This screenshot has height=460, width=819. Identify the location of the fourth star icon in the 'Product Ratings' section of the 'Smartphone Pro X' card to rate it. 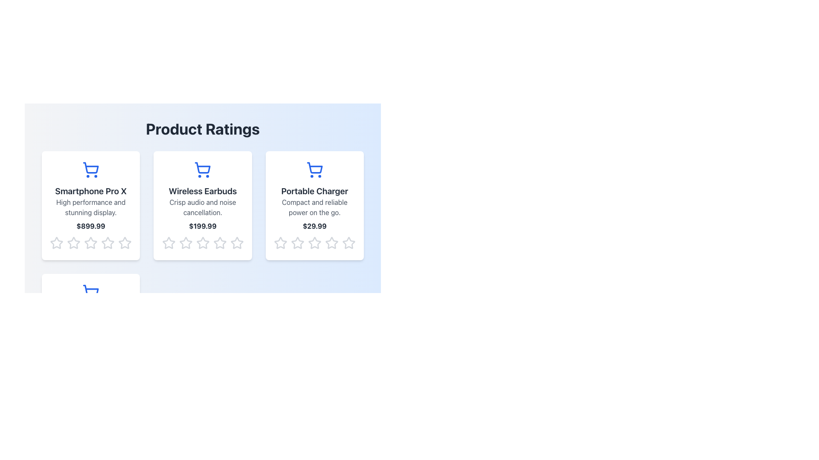
(125, 243).